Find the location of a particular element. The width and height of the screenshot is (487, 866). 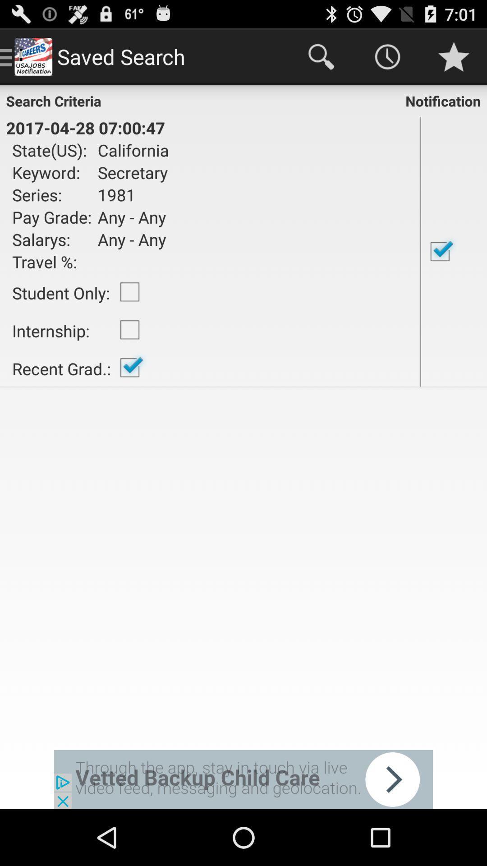

the app above series: icon is located at coordinates (130, 172).